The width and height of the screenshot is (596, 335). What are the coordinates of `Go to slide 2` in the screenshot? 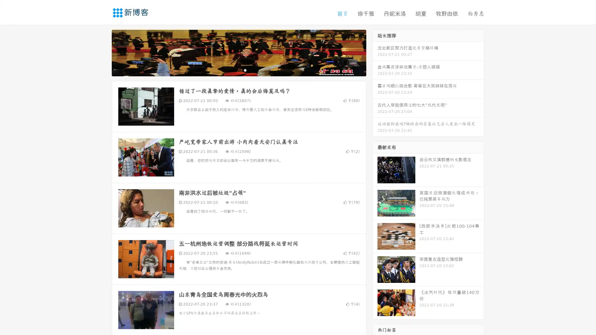 It's located at (238, 70).